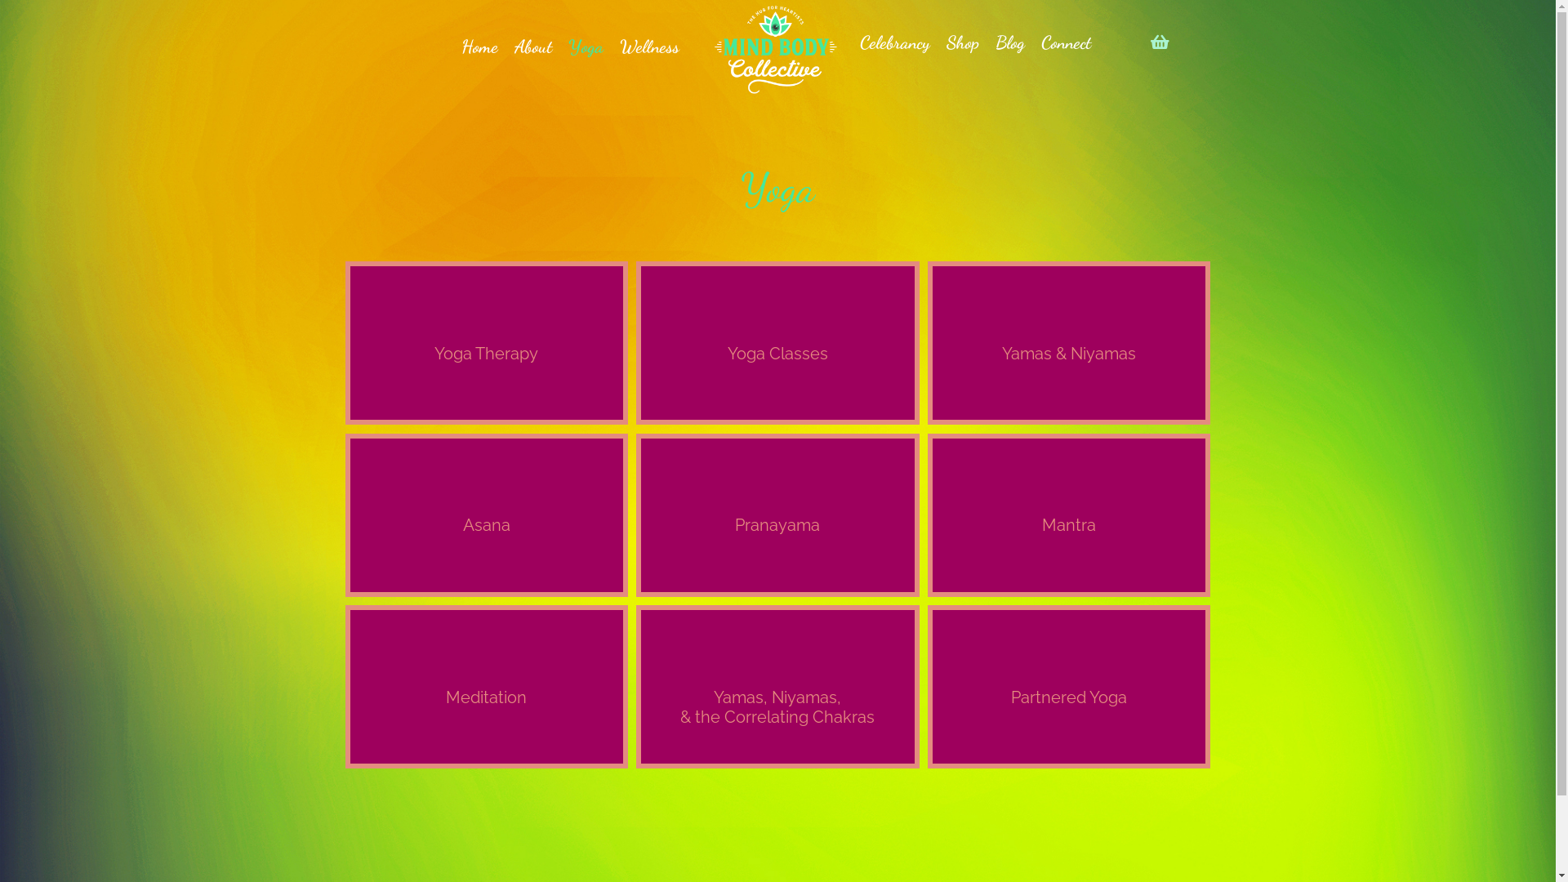 The image size is (1568, 882). What do you see at coordinates (485, 342) in the screenshot?
I see `'Yoga Therapy'` at bounding box center [485, 342].